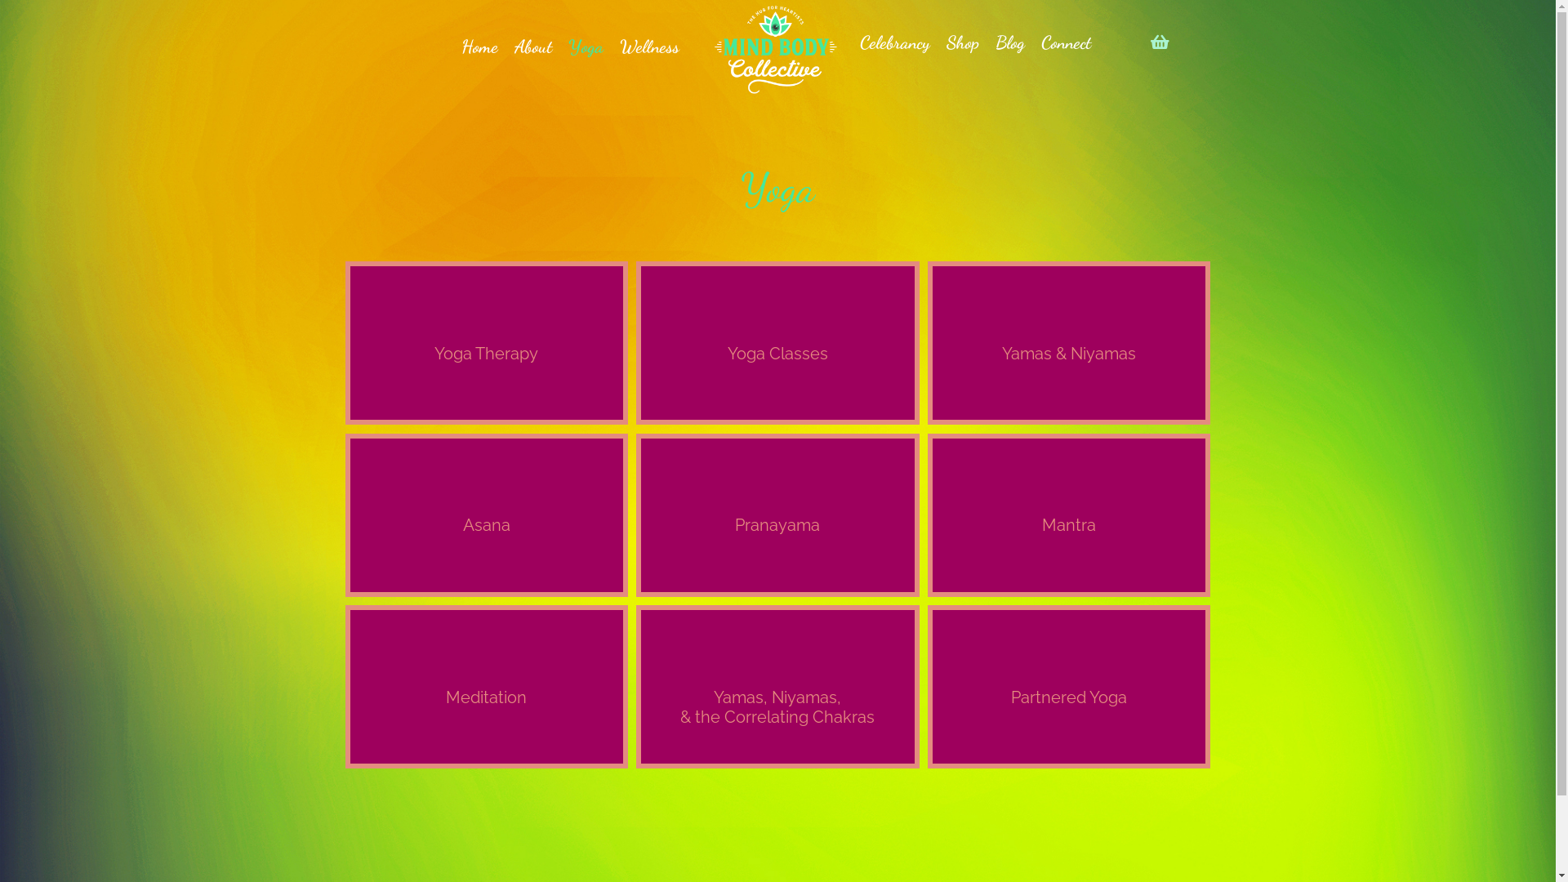 The image size is (1568, 882). What do you see at coordinates (485, 342) in the screenshot?
I see `'Yoga Therapy'` at bounding box center [485, 342].